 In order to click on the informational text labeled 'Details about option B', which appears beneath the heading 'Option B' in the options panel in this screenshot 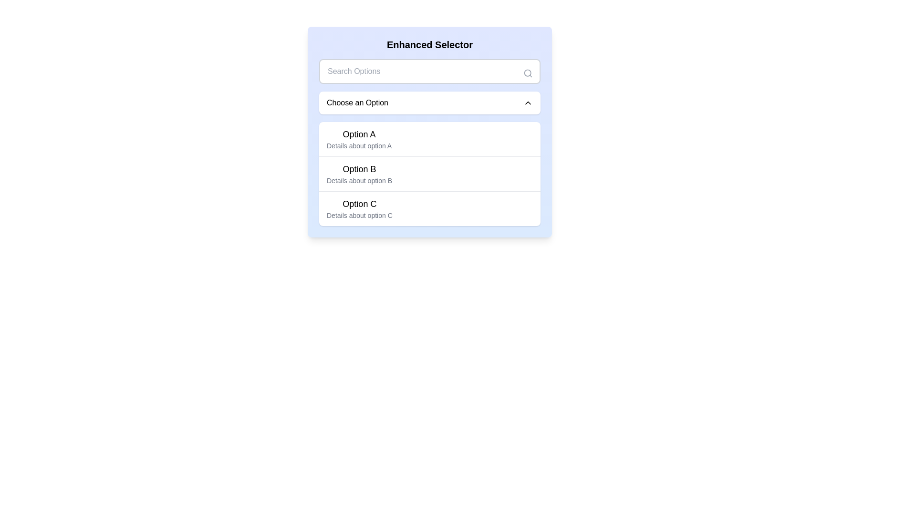, I will do `click(359, 180)`.